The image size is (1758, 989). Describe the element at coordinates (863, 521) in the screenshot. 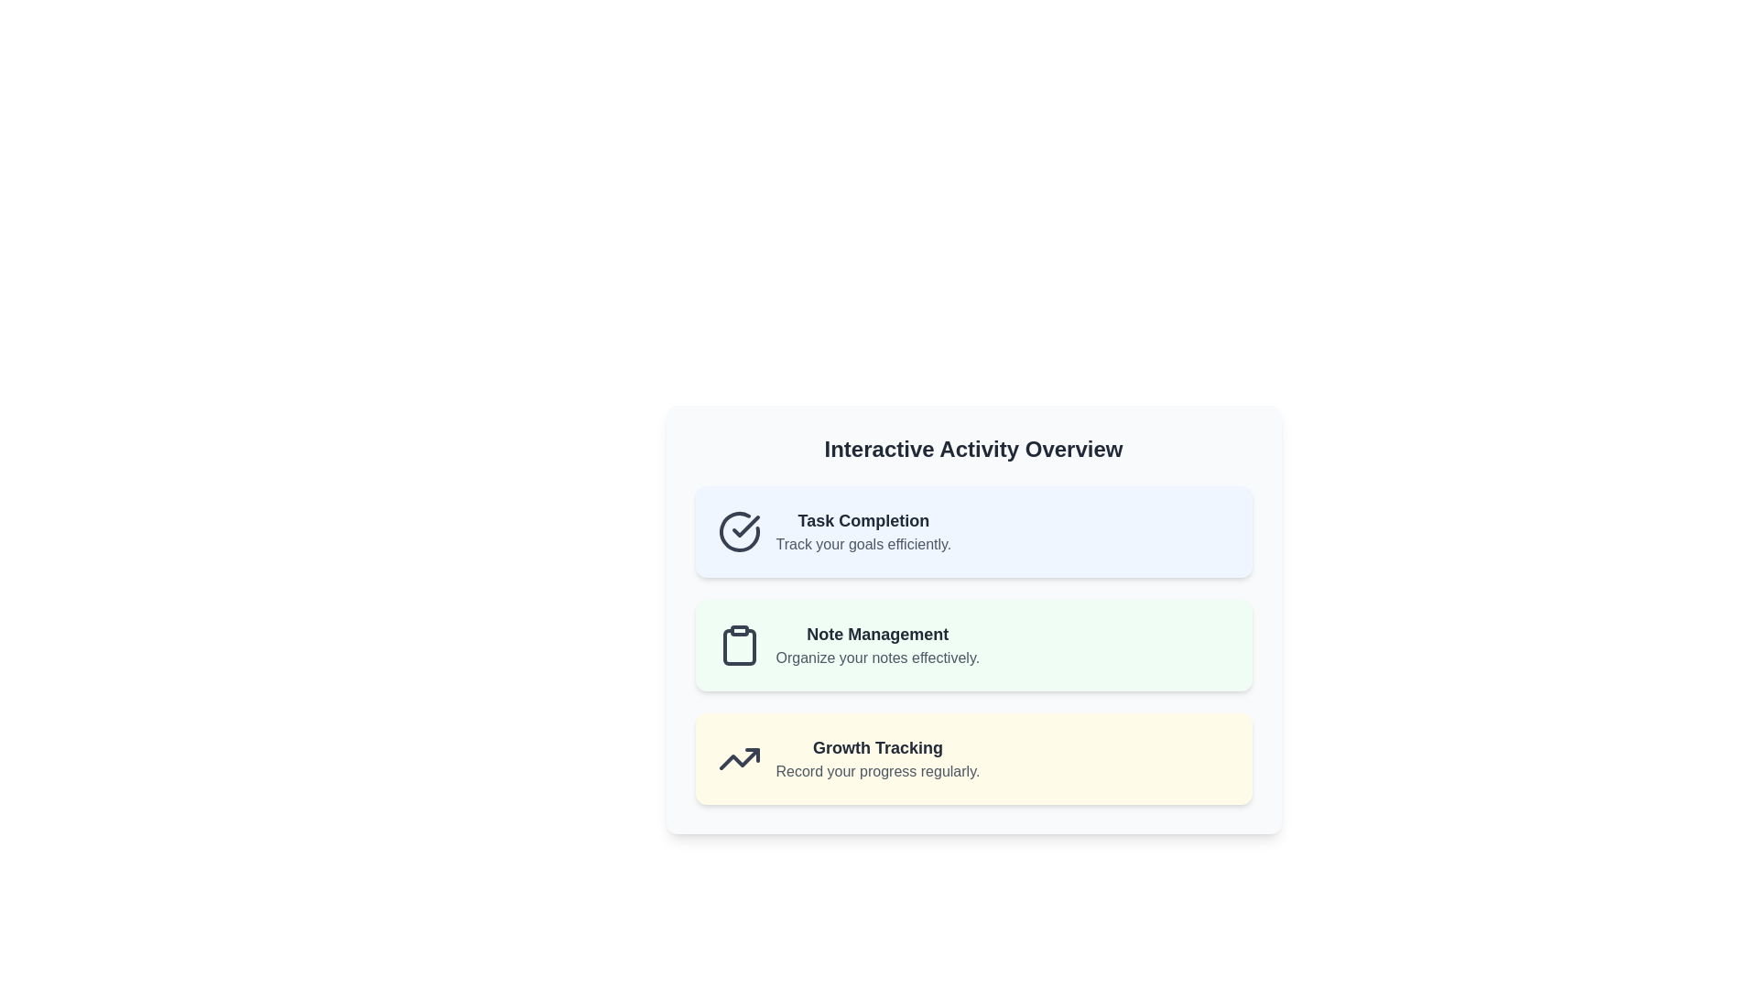

I see `text of the header labeled 'Task Completion' which is the first section in the card layout for task tracking` at that location.